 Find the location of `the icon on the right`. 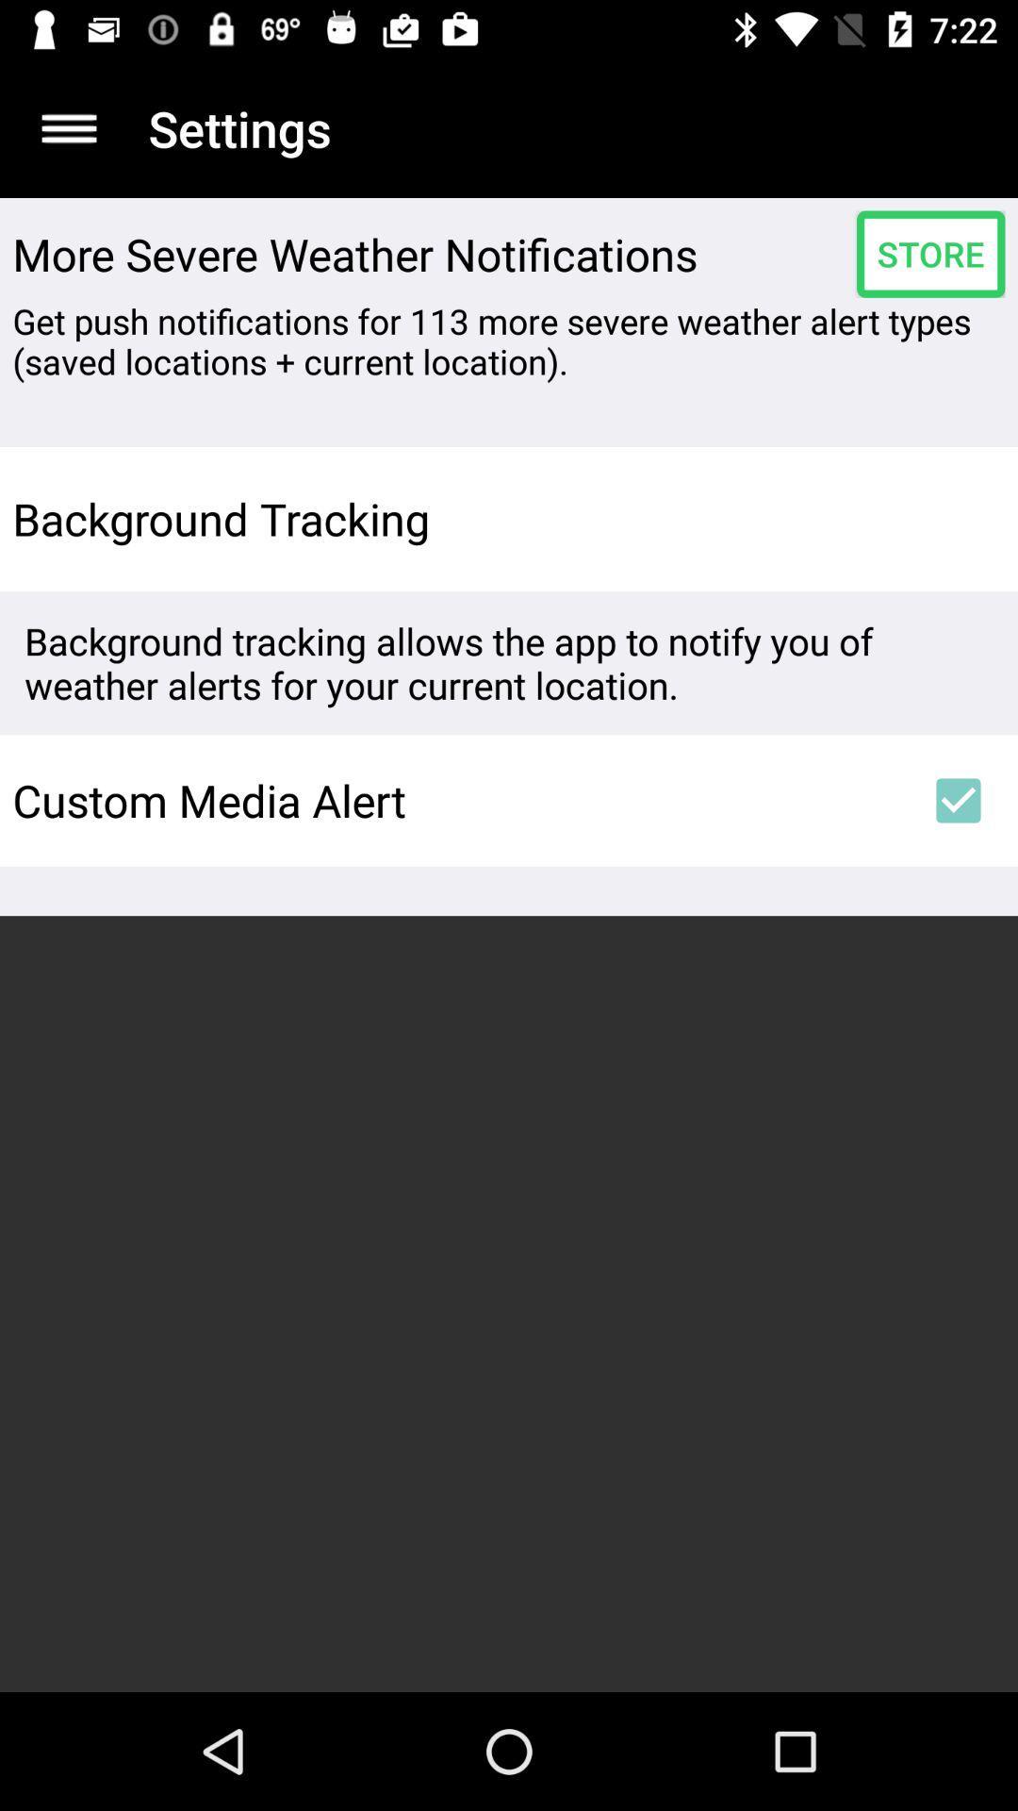

the icon on the right is located at coordinates (959, 801).